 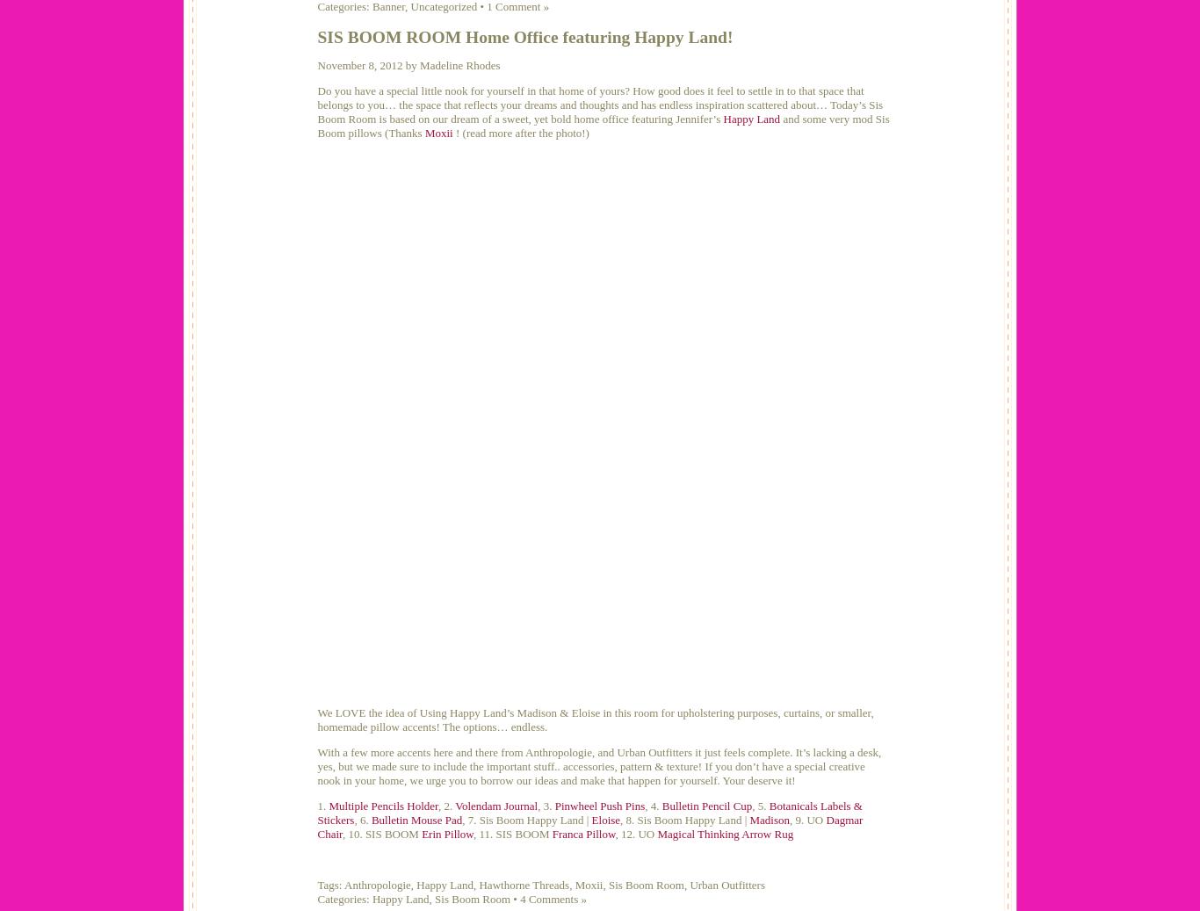 I want to click on 'Urban Outfitters', so click(x=690, y=885).